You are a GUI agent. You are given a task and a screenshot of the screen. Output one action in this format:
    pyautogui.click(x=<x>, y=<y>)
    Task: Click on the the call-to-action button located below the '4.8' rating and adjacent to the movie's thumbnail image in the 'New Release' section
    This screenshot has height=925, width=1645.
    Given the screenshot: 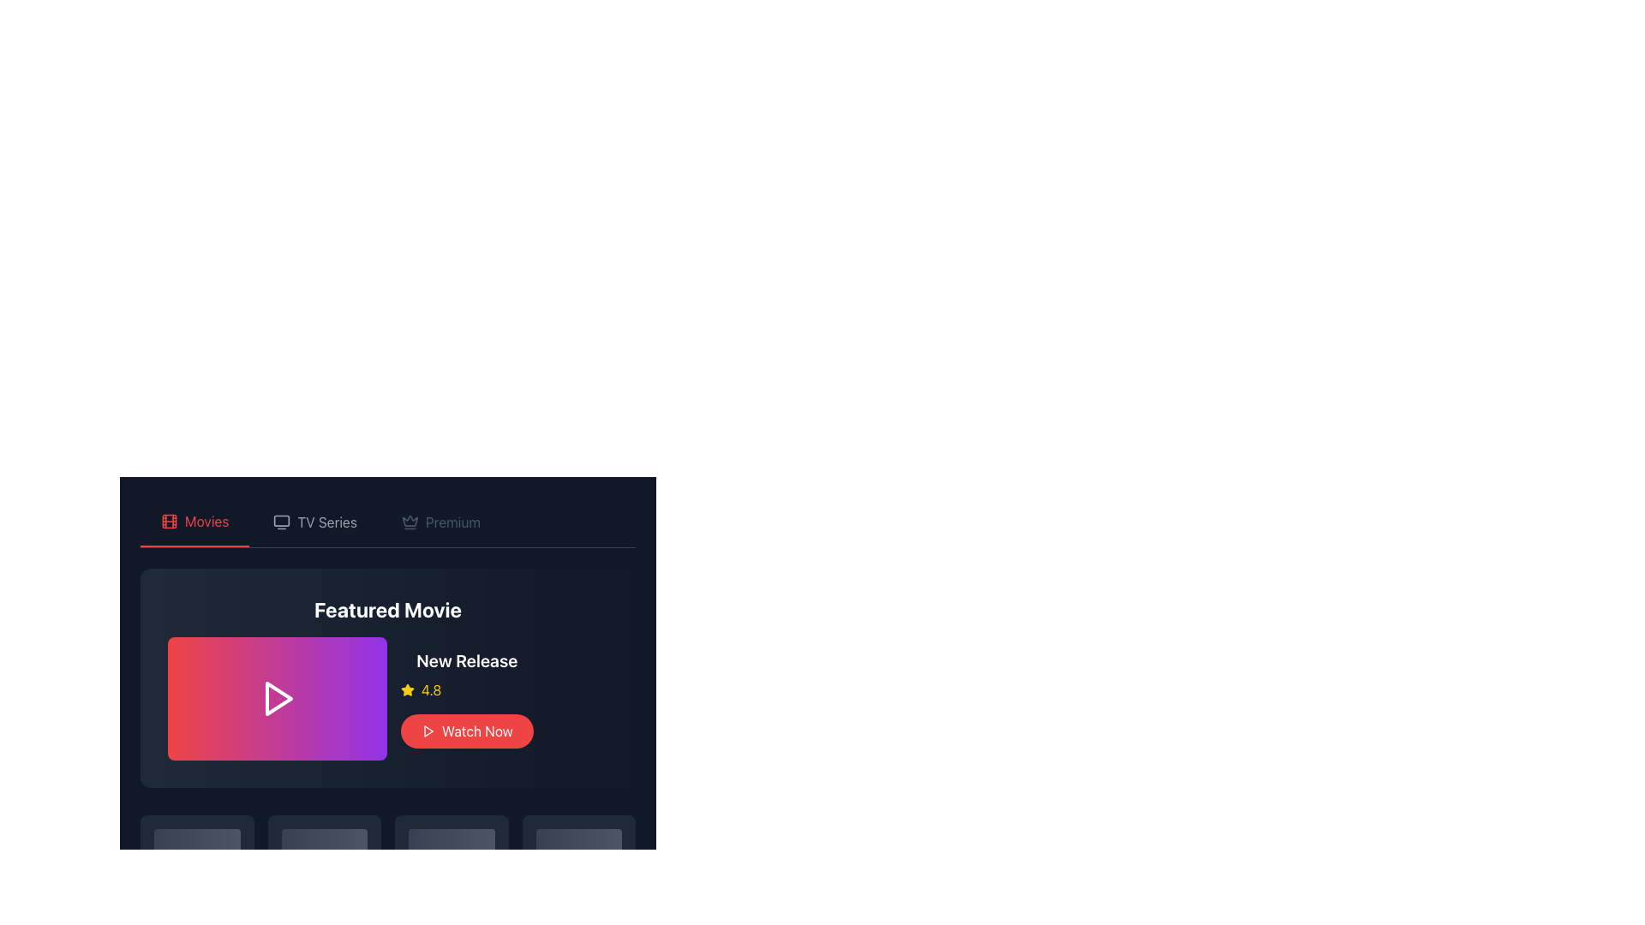 What is the action you would take?
    pyautogui.click(x=467, y=731)
    